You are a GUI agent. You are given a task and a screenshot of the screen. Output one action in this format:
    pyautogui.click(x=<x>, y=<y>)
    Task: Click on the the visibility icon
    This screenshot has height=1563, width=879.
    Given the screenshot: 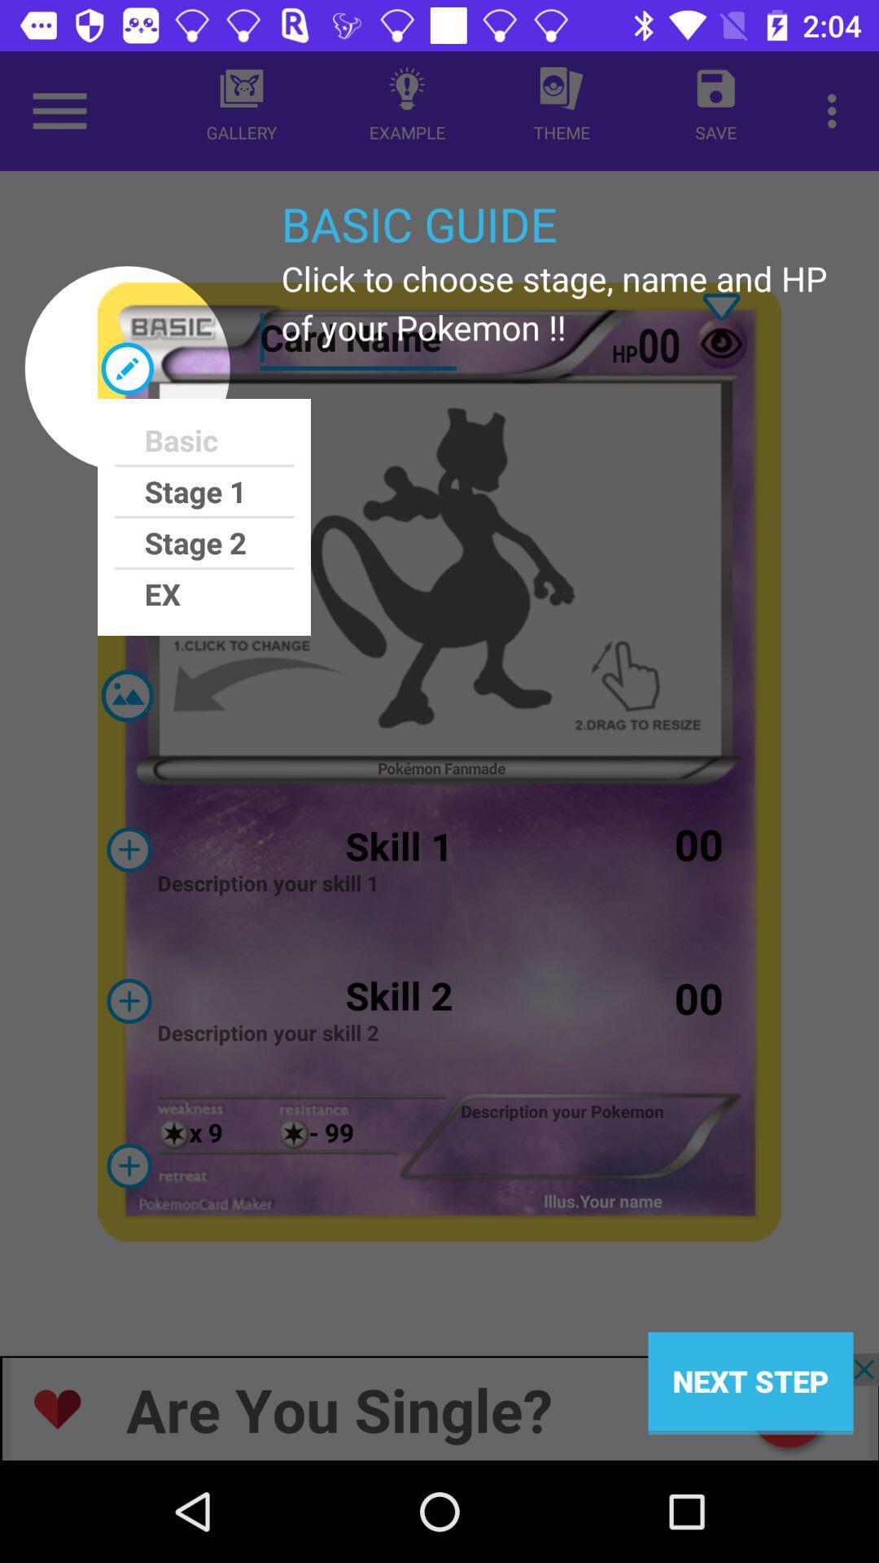 What is the action you would take?
    pyautogui.click(x=720, y=342)
    